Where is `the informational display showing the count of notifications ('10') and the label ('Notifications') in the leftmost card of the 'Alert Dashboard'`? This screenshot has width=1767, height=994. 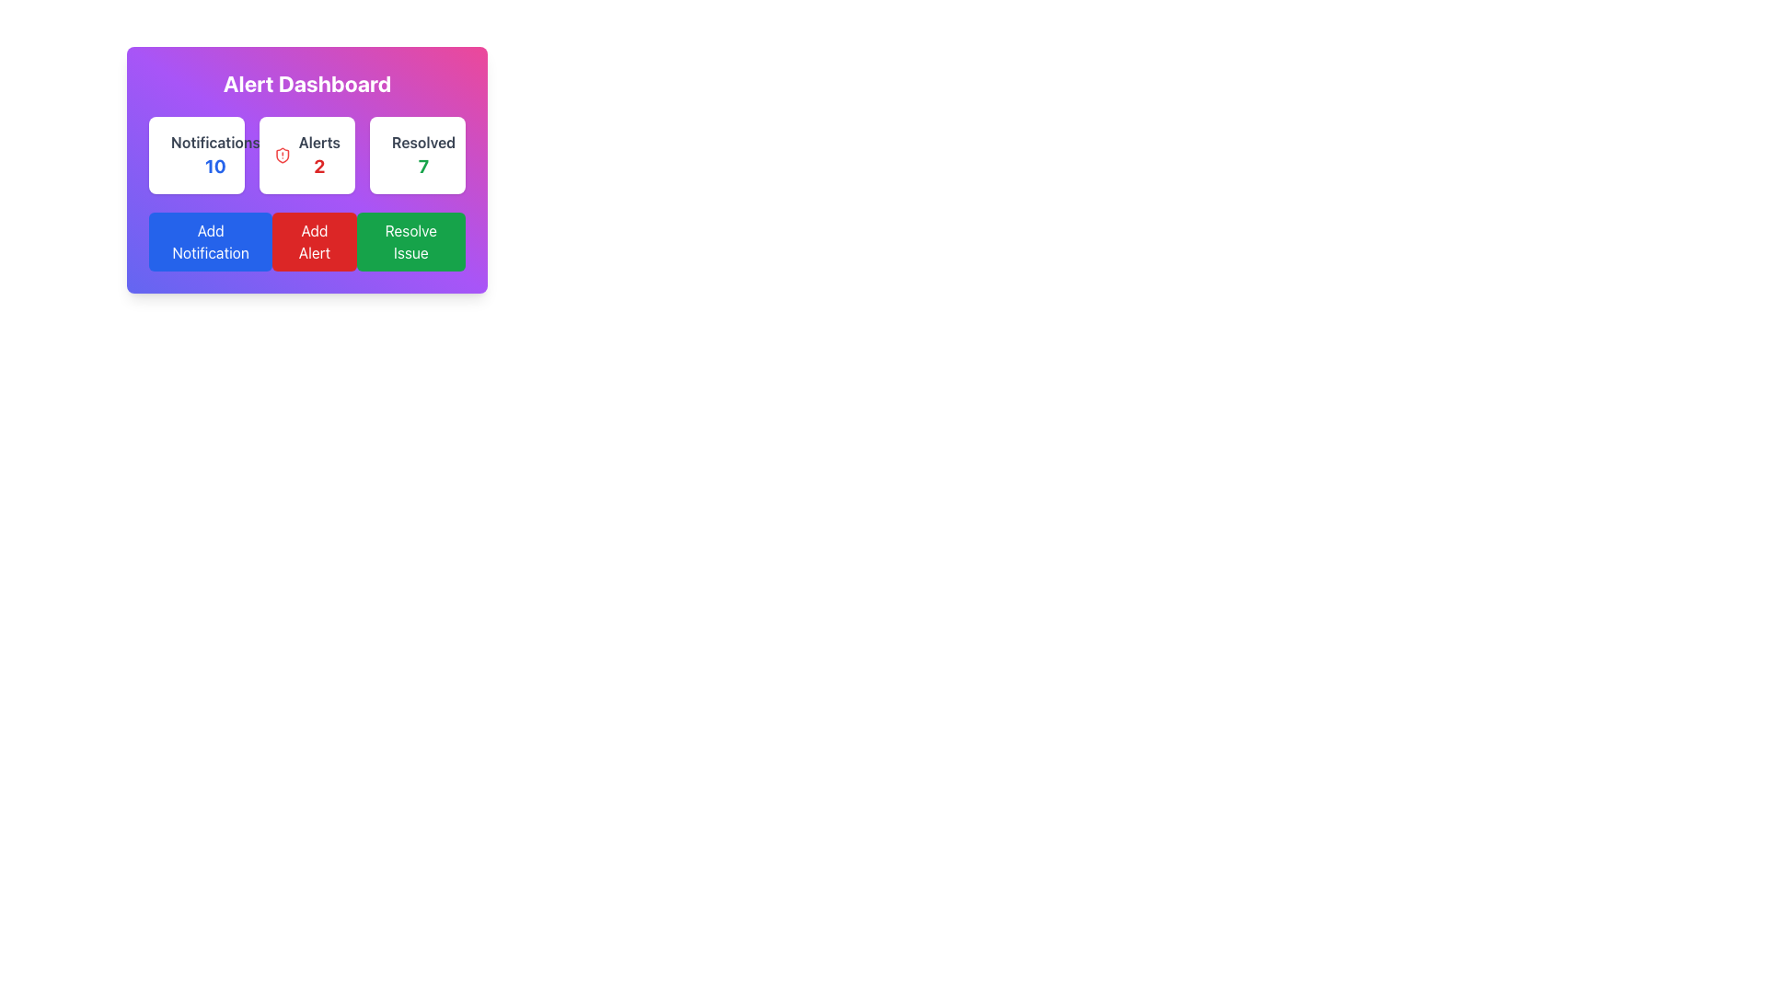 the informational display showing the count of notifications ('10') and the label ('Notifications') in the leftmost card of the 'Alert Dashboard' is located at coordinates (215, 155).